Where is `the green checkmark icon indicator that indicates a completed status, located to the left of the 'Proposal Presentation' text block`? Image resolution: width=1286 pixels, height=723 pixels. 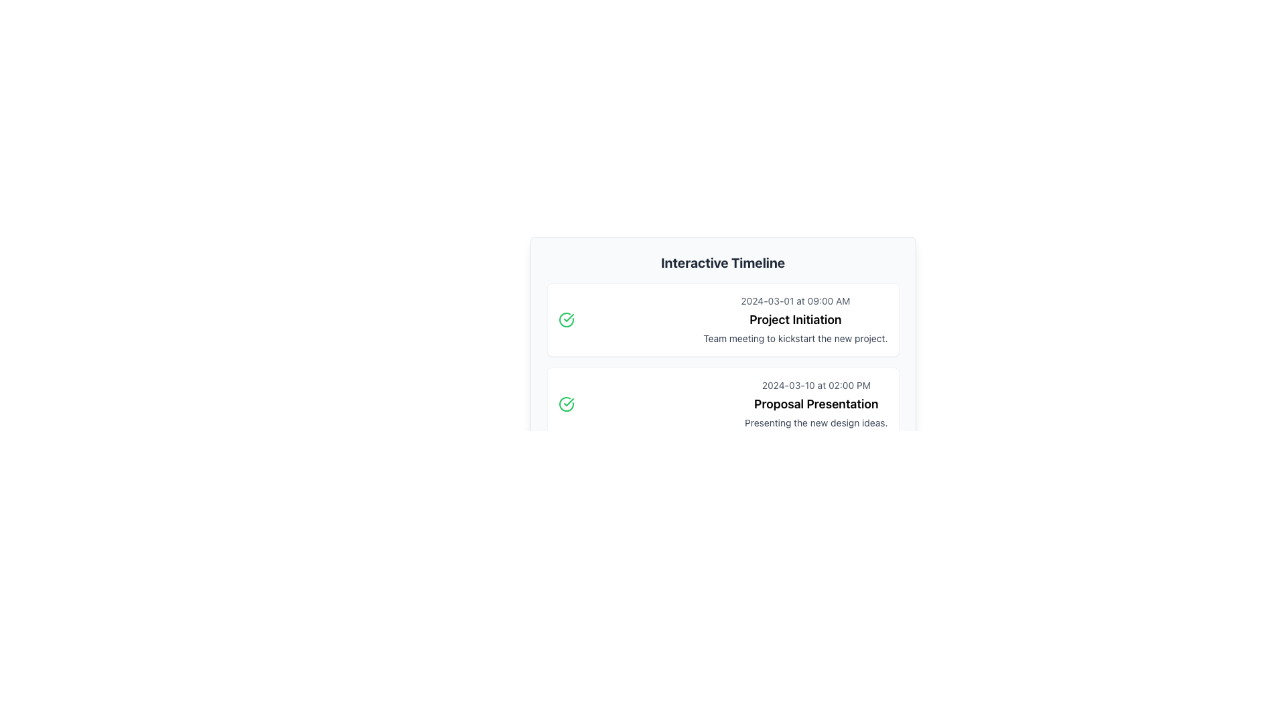
the green checkmark icon indicator that indicates a completed status, located to the left of the 'Proposal Presentation' text block is located at coordinates (566, 404).